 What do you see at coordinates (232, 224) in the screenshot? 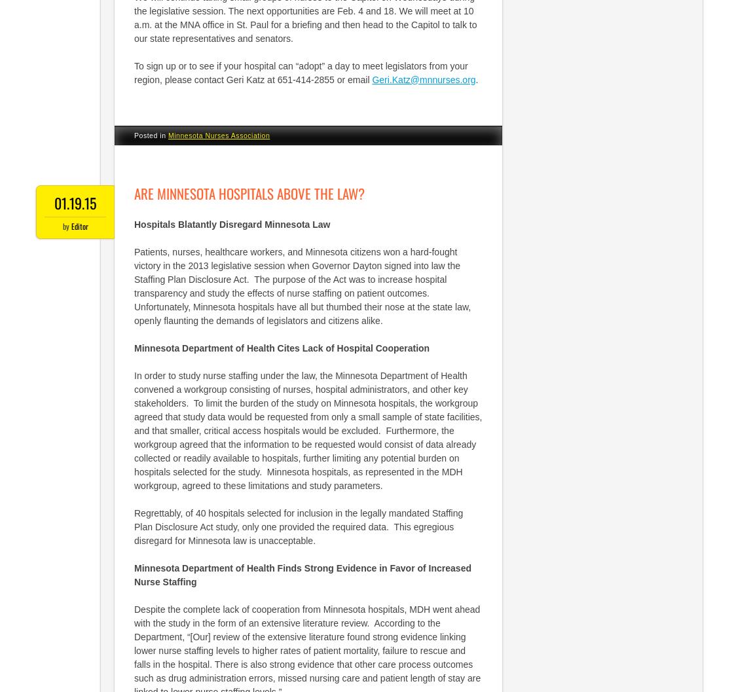
I see `'Hospitals Blatantly Disregard Minnesota Law'` at bounding box center [232, 224].